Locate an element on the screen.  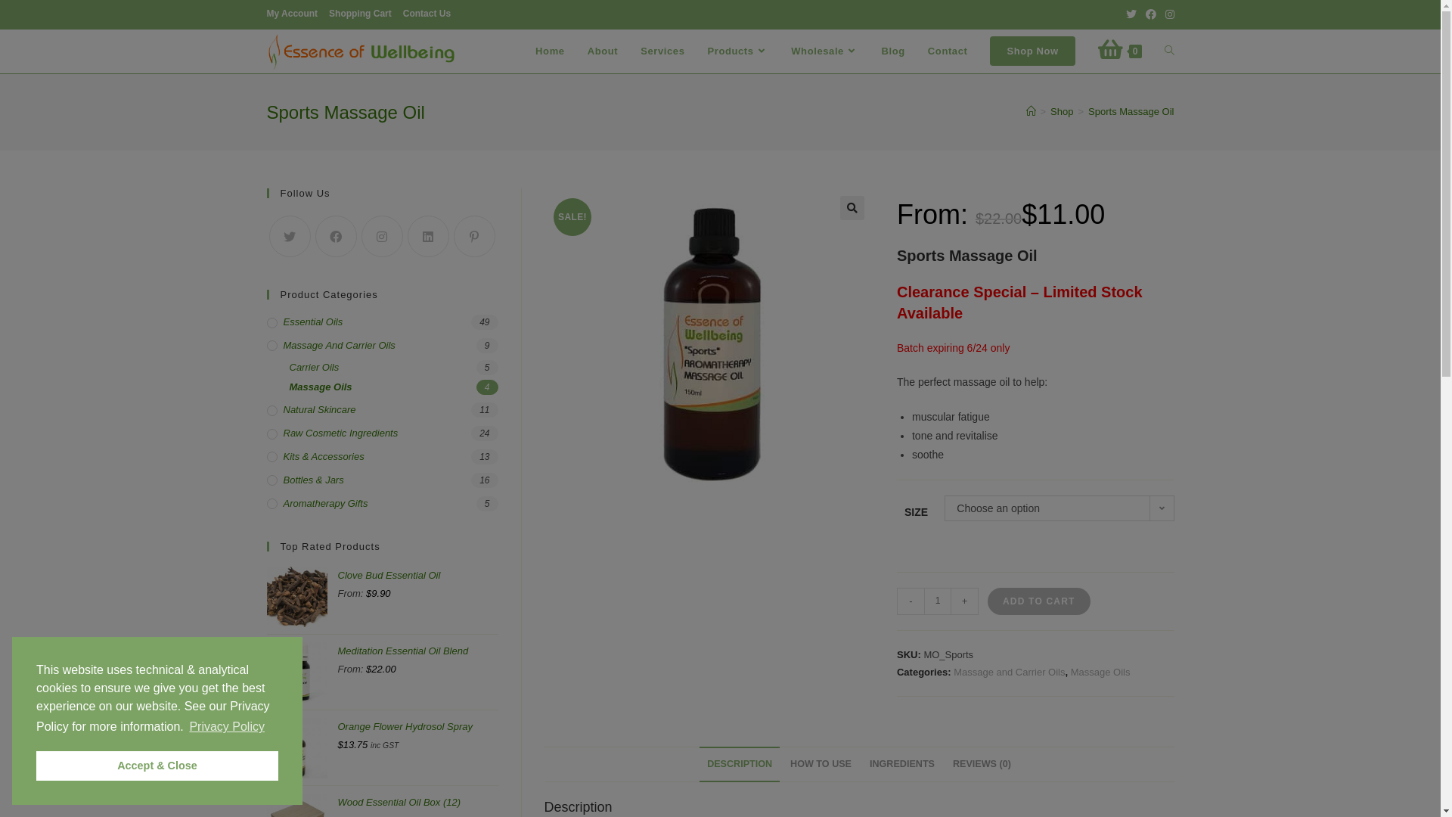
'Bottles & Jars' is located at coordinates (381, 480).